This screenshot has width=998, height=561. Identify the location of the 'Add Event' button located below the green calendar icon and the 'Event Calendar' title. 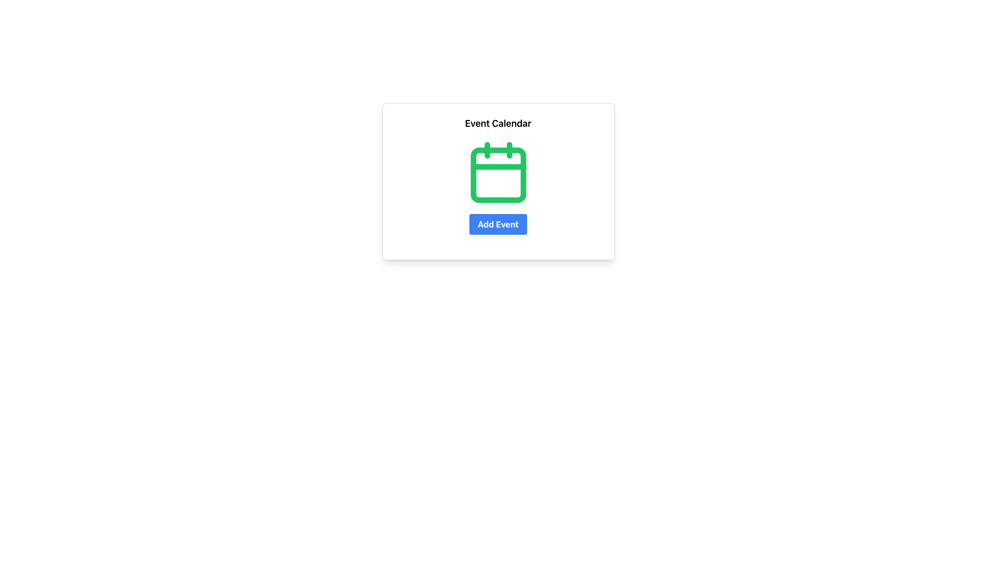
(497, 224).